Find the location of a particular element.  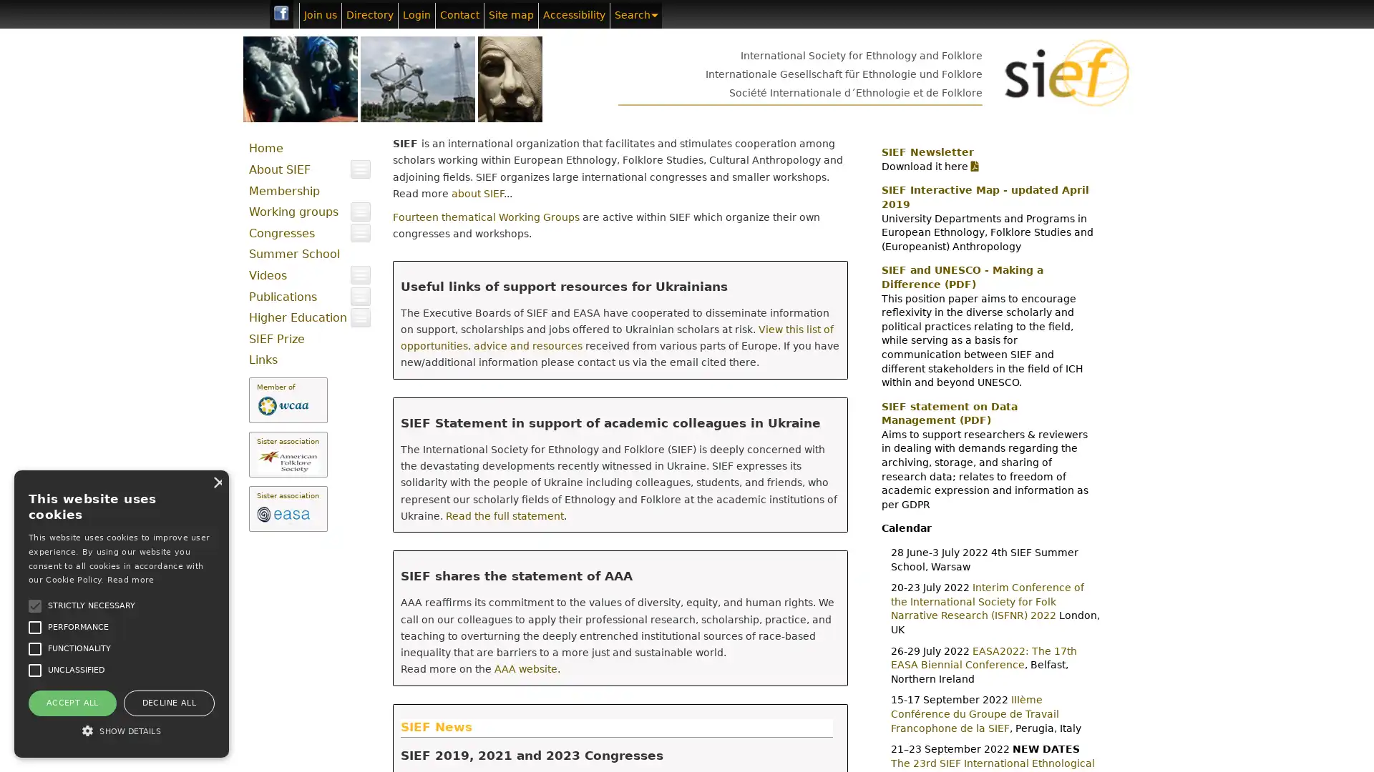

ACCEPT ALL is located at coordinates (71, 702).